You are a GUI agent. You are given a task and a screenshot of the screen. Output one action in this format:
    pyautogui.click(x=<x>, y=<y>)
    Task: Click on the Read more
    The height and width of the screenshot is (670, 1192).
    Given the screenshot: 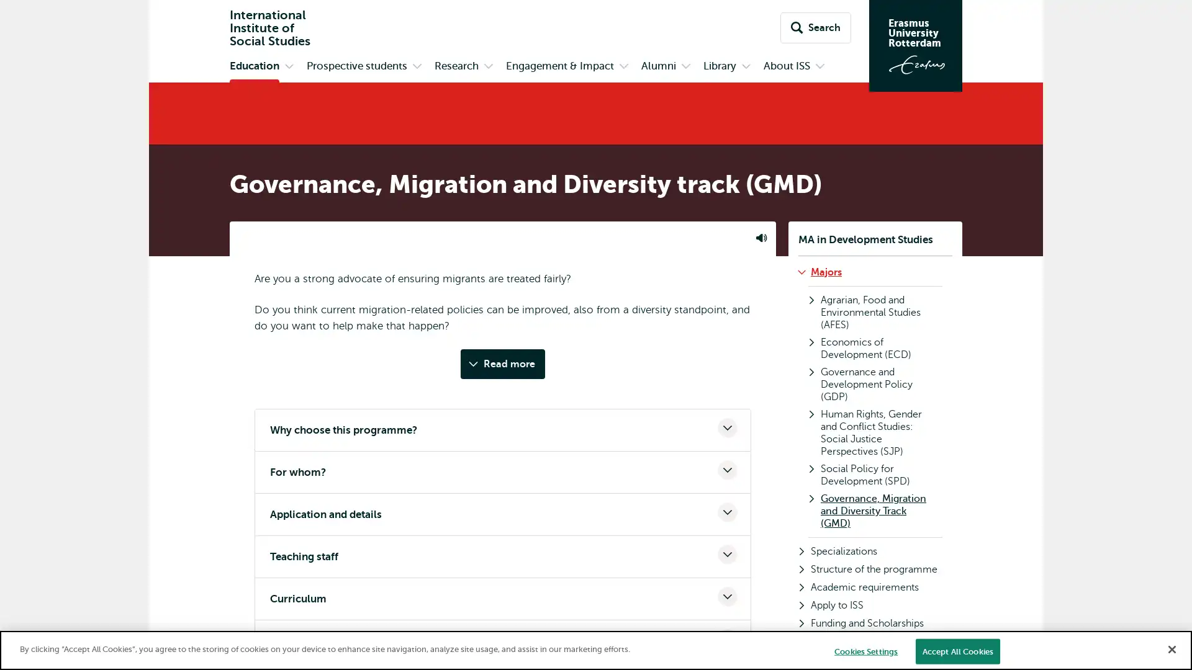 What is the action you would take?
    pyautogui.click(x=503, y=363)
    